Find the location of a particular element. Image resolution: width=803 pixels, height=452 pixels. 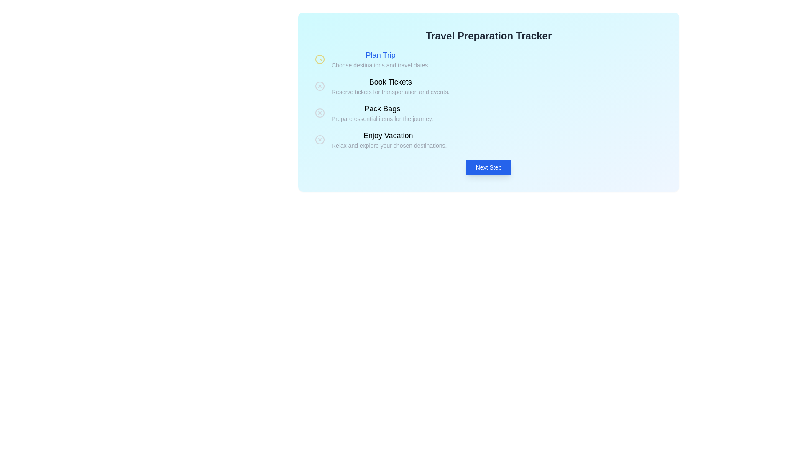

text content of the first element in the 'Travel Preparation Tracker' list, which provides instructions for planning a trip including selecting destinations and dates is located at coordinates (380, 59).